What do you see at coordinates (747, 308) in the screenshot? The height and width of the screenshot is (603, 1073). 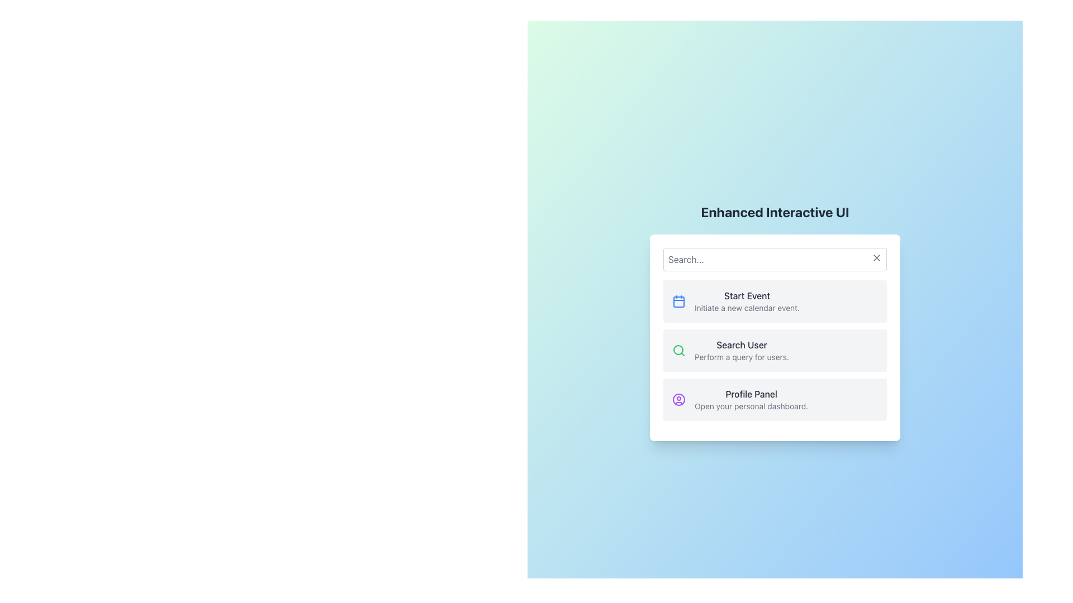 I see `supplementary descriptive text located beneath the 'Start Event' heading in the first option block of the modal, which is positioned below a calendar icon` at bounding box center [747, 308].